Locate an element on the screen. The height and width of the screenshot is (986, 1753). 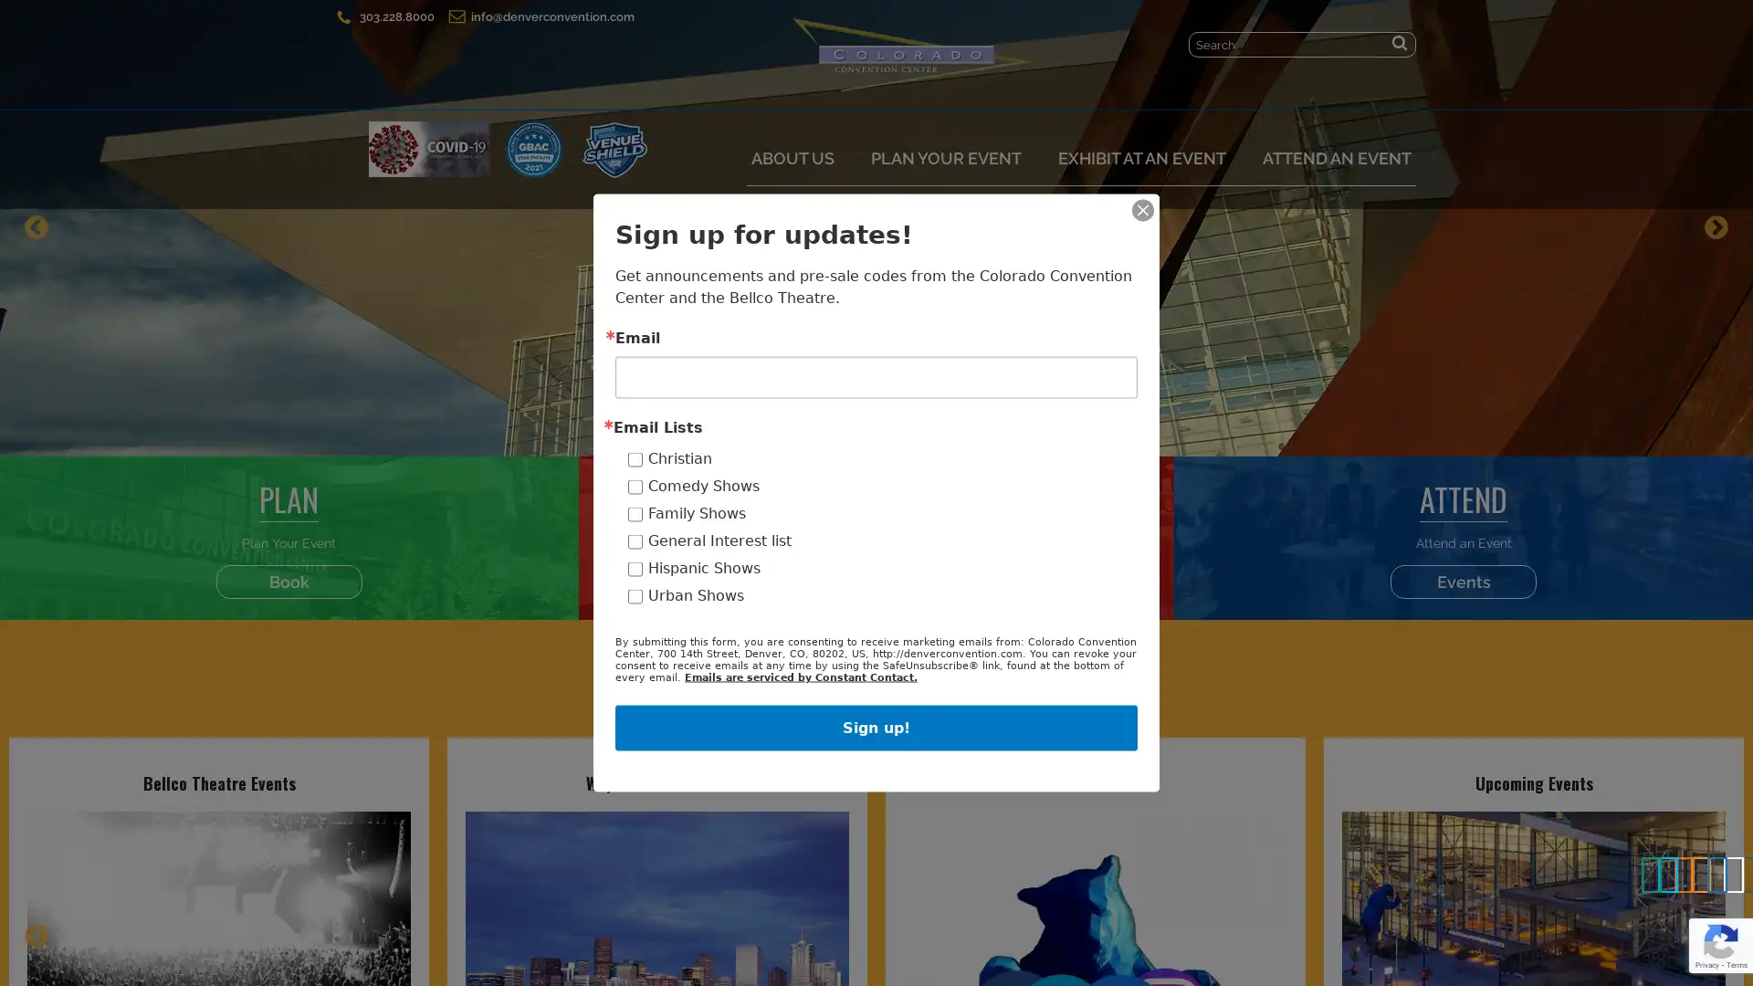
Submit is located at coordinates (1398, 41).